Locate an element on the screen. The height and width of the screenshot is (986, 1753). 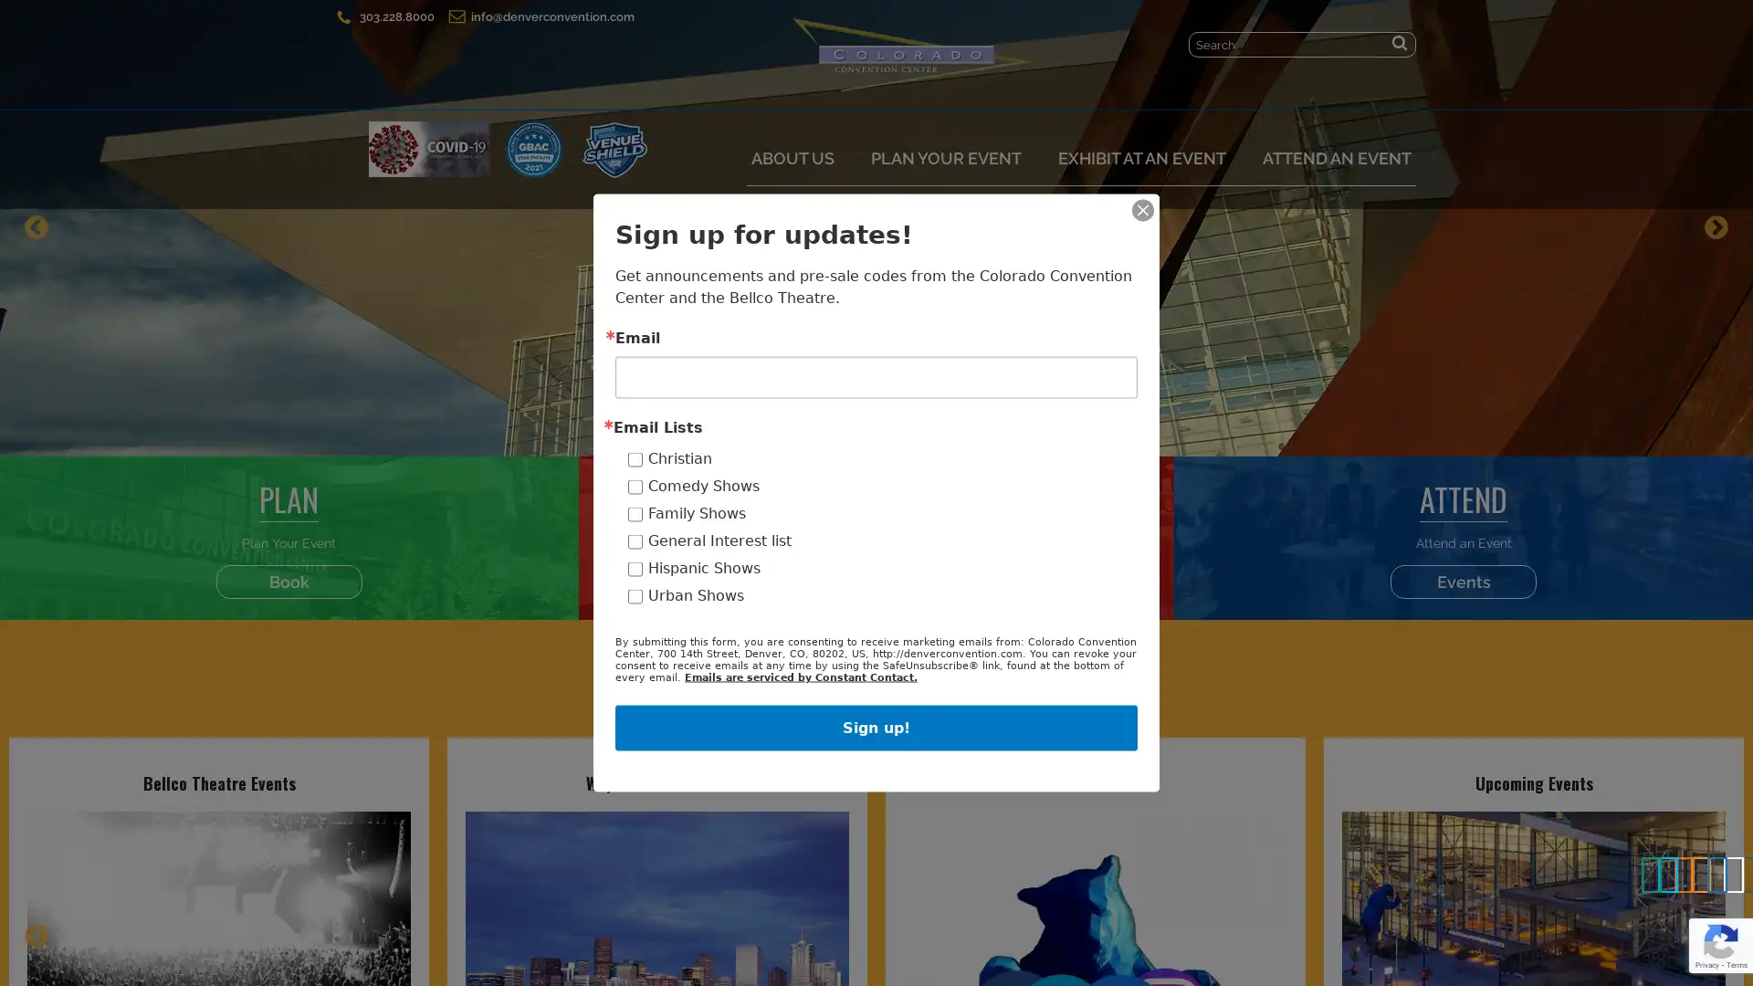
Submit is located at coordinates (1398, 41).